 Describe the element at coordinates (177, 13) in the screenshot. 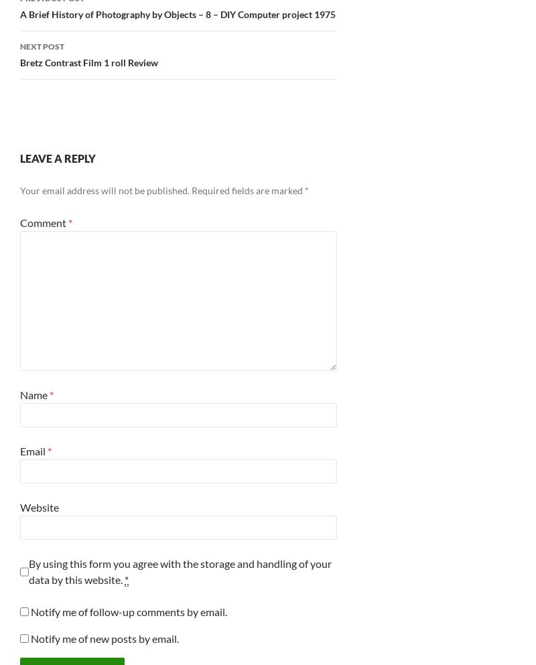

I see `'A Brief History of Photography by Objects – 8 – DIY Computer project 1975'` at that location.